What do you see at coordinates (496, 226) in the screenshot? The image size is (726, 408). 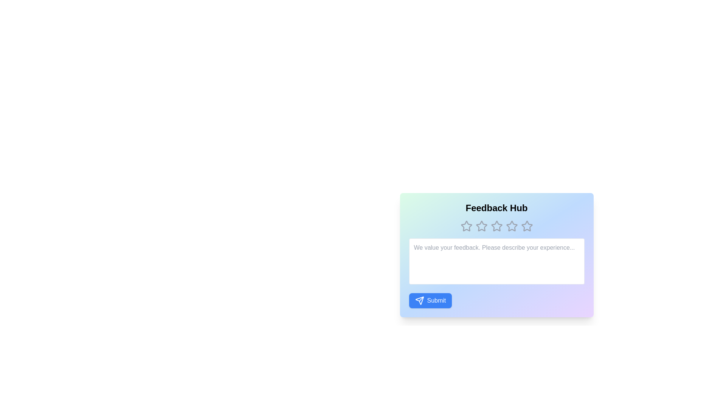 I see `the star corresponding to 3 to preview selection` at bounding box center [496, 226].